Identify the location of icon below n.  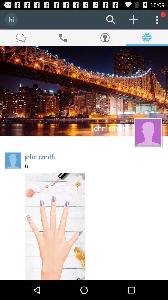
(54, 226).